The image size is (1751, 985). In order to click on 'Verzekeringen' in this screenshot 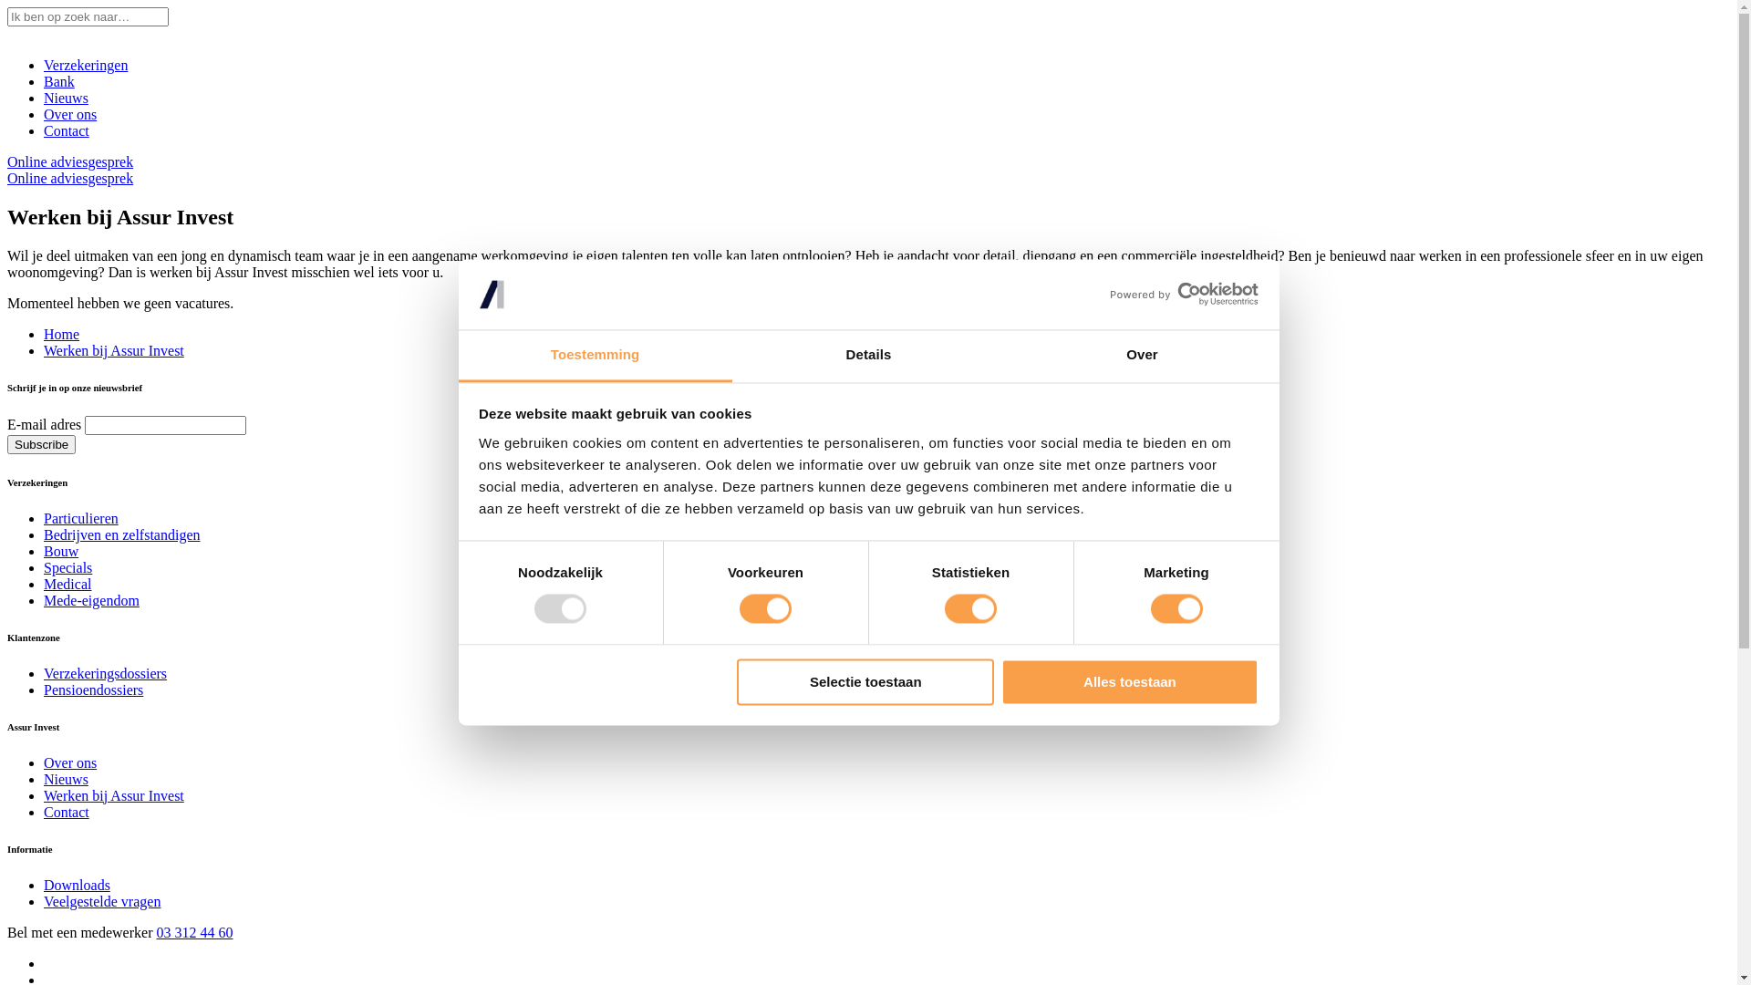, I will do `click(85, 64)`.